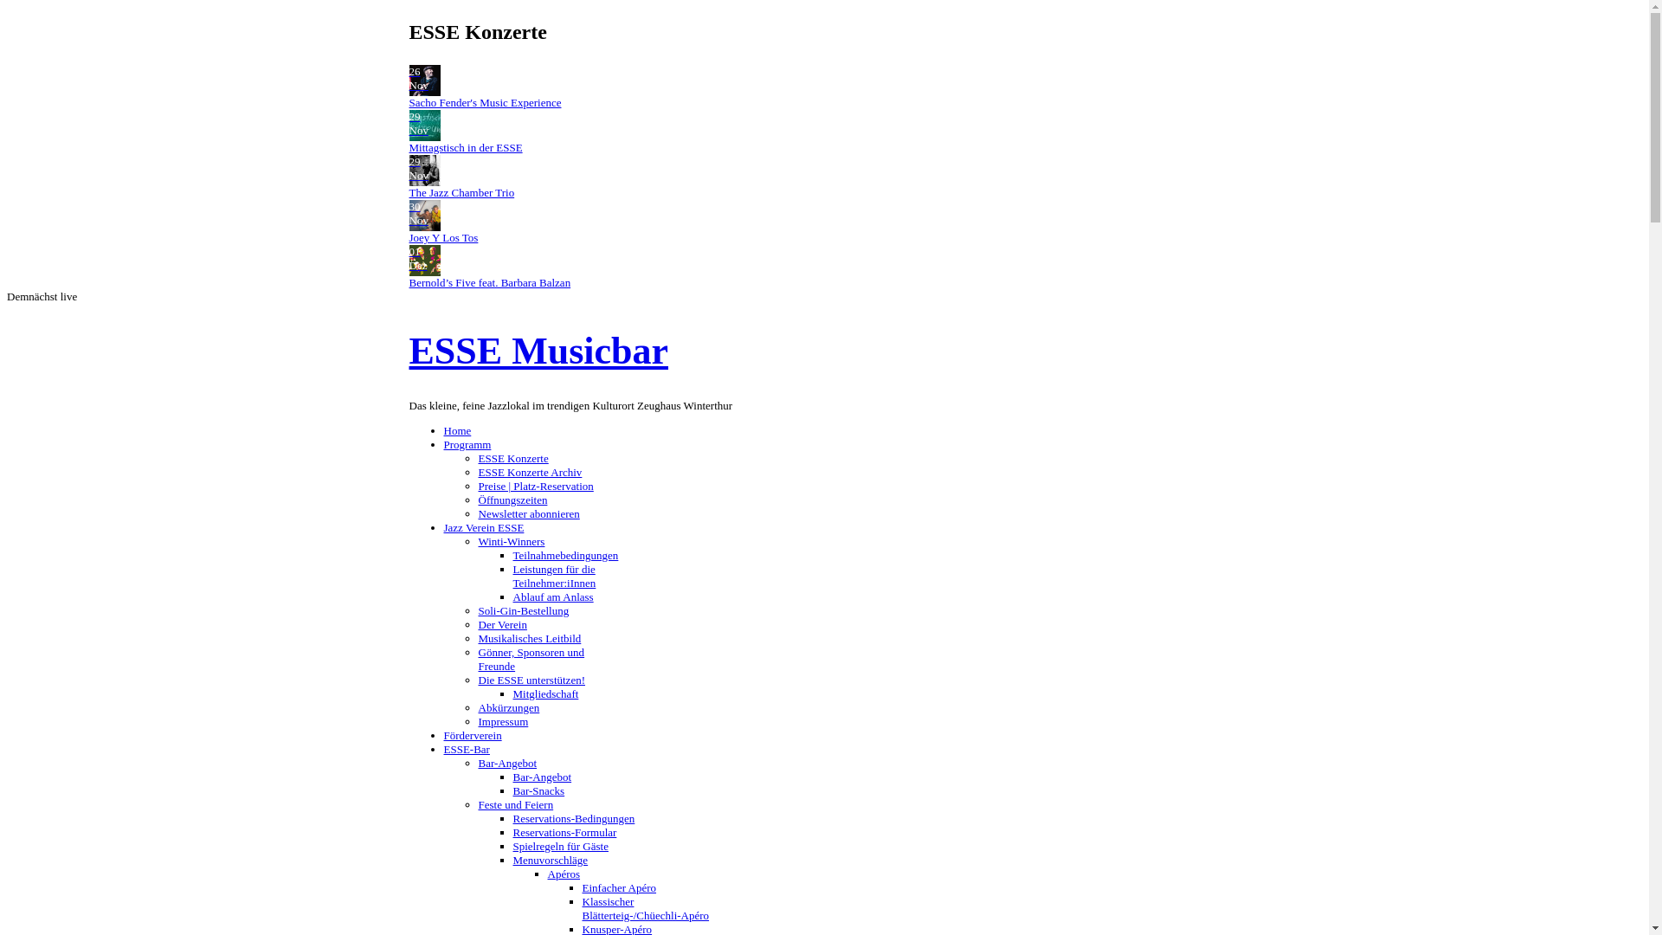 Image resolution: width=1662 pixels, height=935 pixels. What do you see at coordinates (538, 351) in the screenshot?
I see `'ESSE Musicbar'` at bounding box center [538, 351].